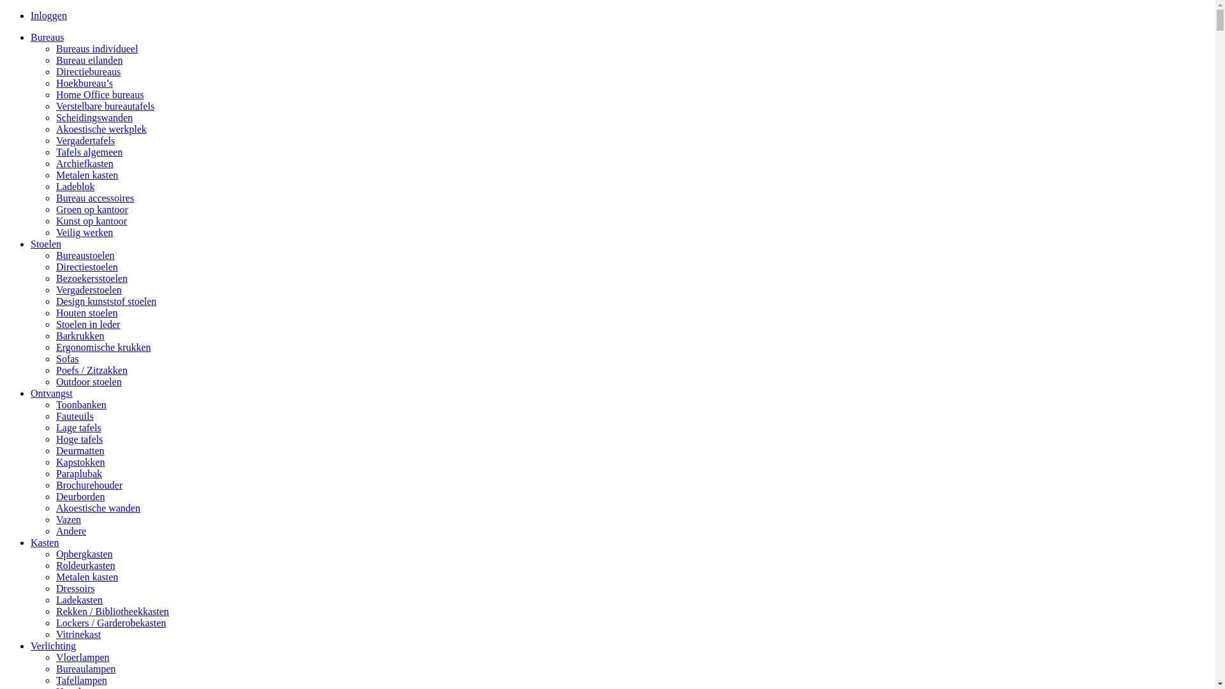 This screenshot has height=689, width=1225. What do you see at coordinates (66, 359) in the screenshot?
I see `'Sofas'` at bounding box center [66, 359].